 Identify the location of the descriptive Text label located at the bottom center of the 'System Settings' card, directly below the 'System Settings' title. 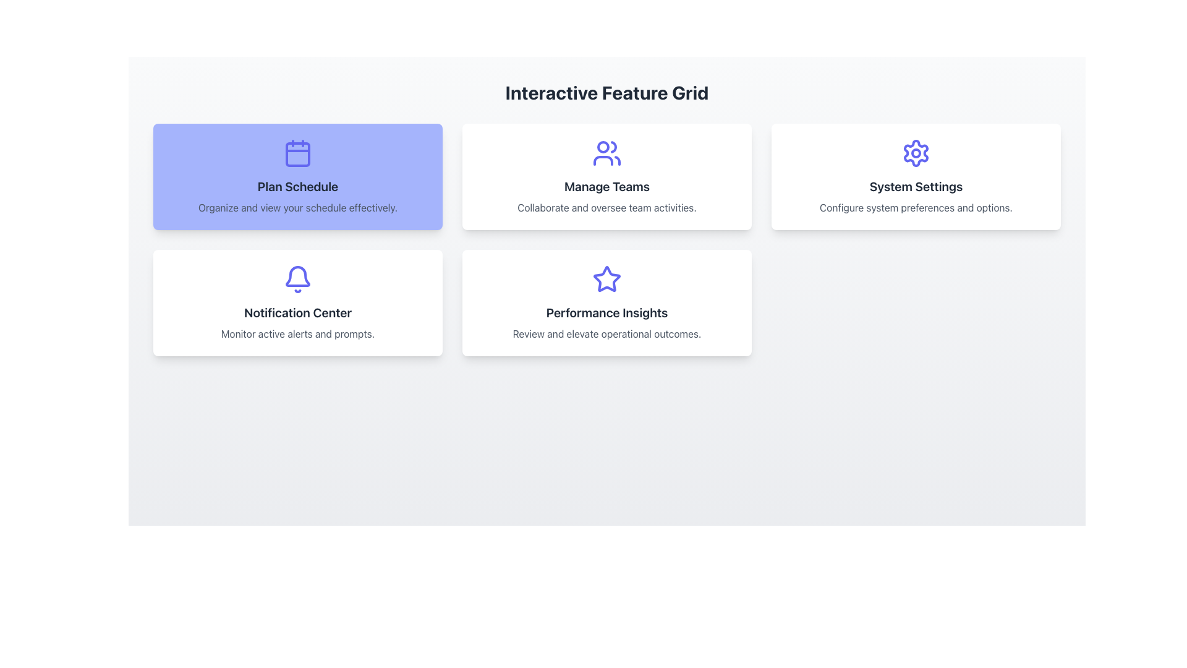
(916, 207).